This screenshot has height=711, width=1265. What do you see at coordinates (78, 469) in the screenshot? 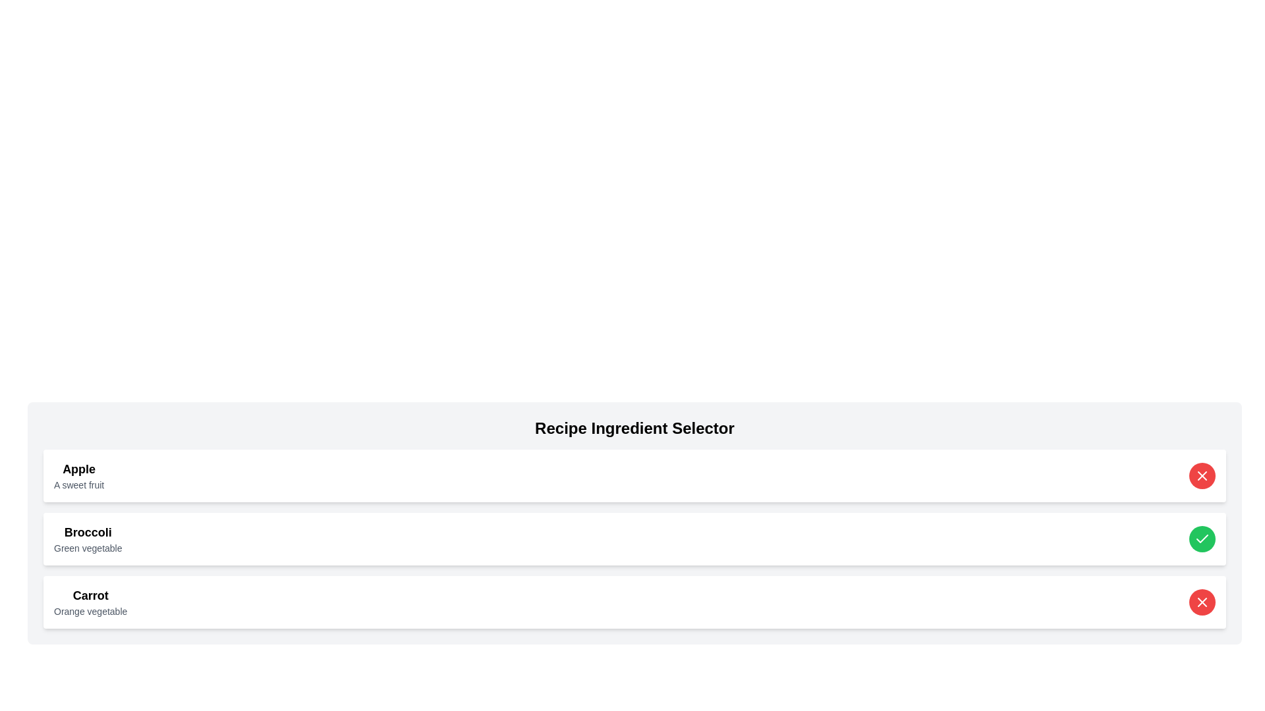
I see `the main text label for the list item representing 'Apple', which is the title in the vertical list titled 'Recipe Ingredient Selector'` at bounding box center [78, 469].